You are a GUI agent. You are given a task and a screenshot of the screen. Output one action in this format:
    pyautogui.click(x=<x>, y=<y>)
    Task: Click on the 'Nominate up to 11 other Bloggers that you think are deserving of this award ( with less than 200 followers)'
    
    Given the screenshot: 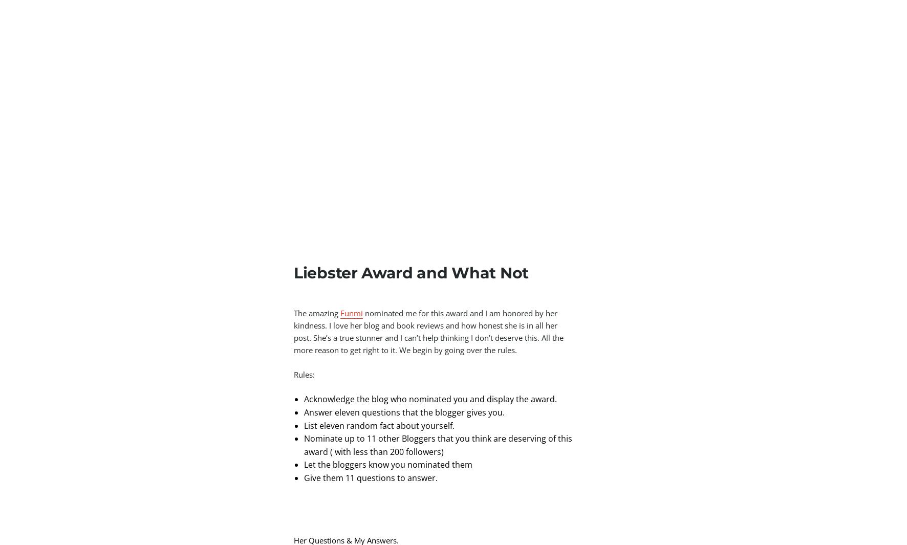 What is the action you would take?
    pyautogui.click(x=438, y=445)
    